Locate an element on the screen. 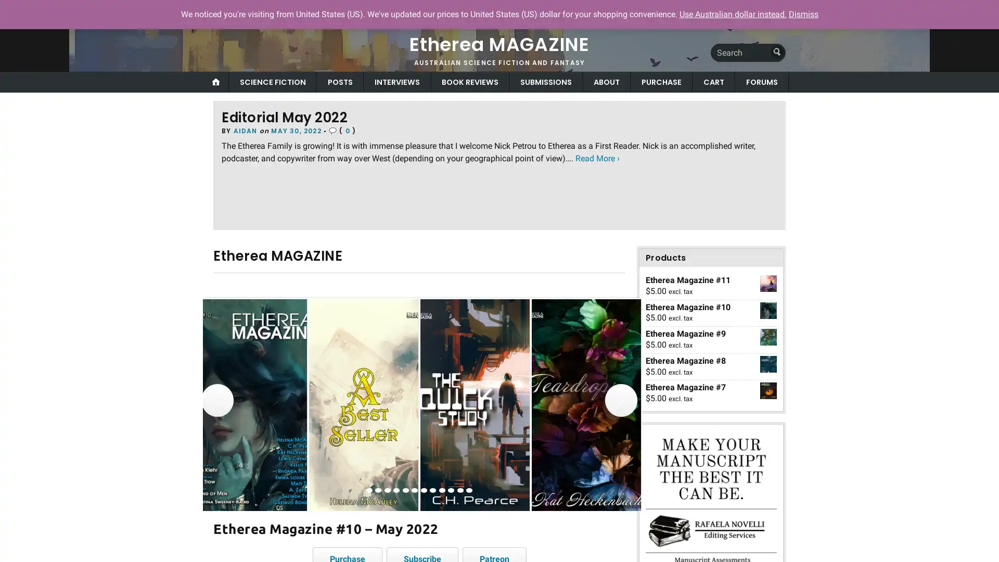  view image 12 of 12 in carousel is located at coordinates (469, 490).